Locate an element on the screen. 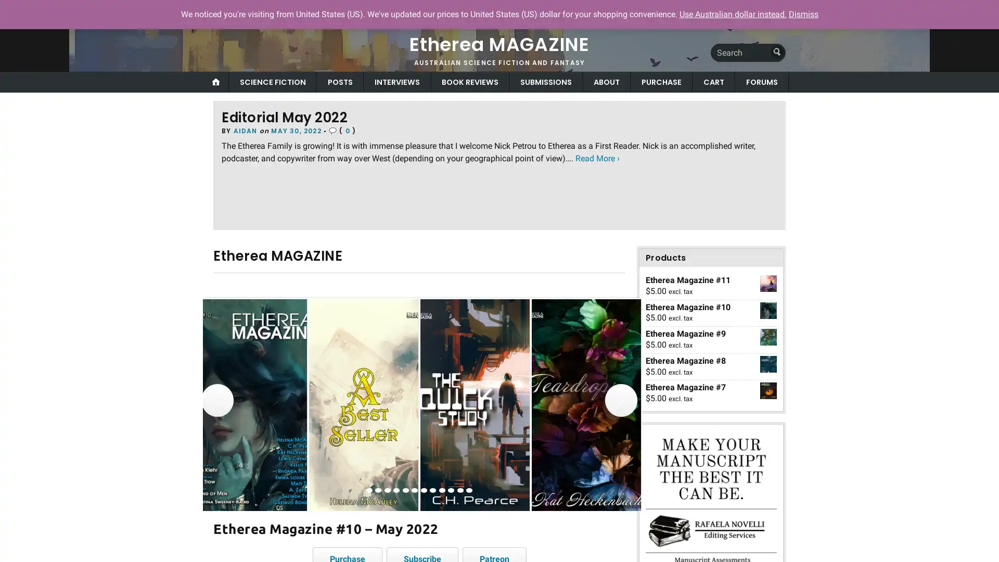  view image 12 of 12 in carousel is located at coordinates (469, 490).